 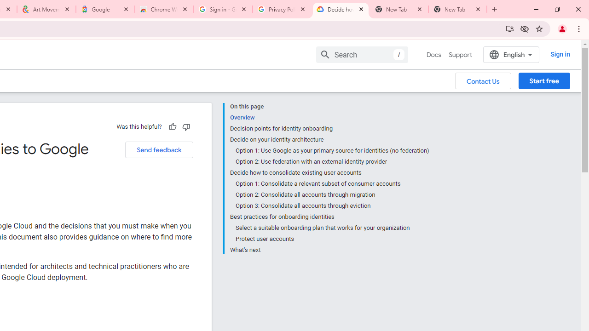 What do you see at coordinates (331, 205) in the screenshot?
I see `'Option 3: Consolidate all accounts through eviction'` at bounding box center [331, 205].